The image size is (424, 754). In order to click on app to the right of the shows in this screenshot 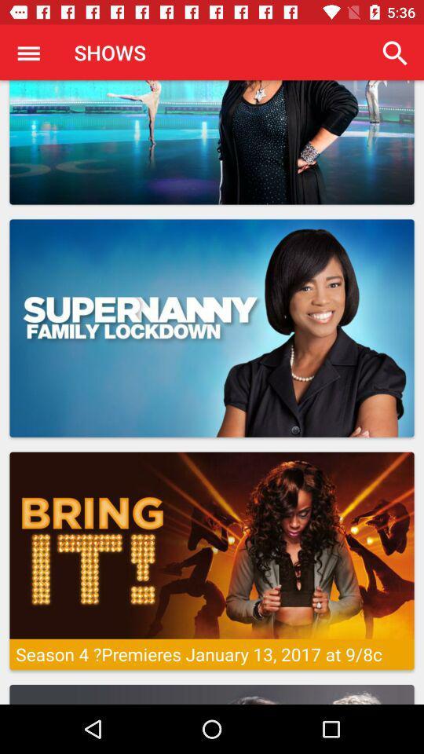, I will do `click(394, 53)`.